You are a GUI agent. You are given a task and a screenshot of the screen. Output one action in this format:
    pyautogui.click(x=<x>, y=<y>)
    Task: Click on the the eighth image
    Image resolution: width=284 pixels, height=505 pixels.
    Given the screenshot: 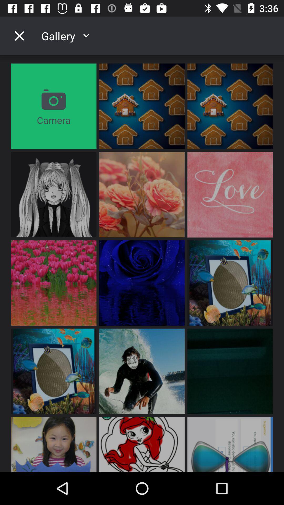 What is the action you would take?
    pyautogui.click(x=230, y=283)
    